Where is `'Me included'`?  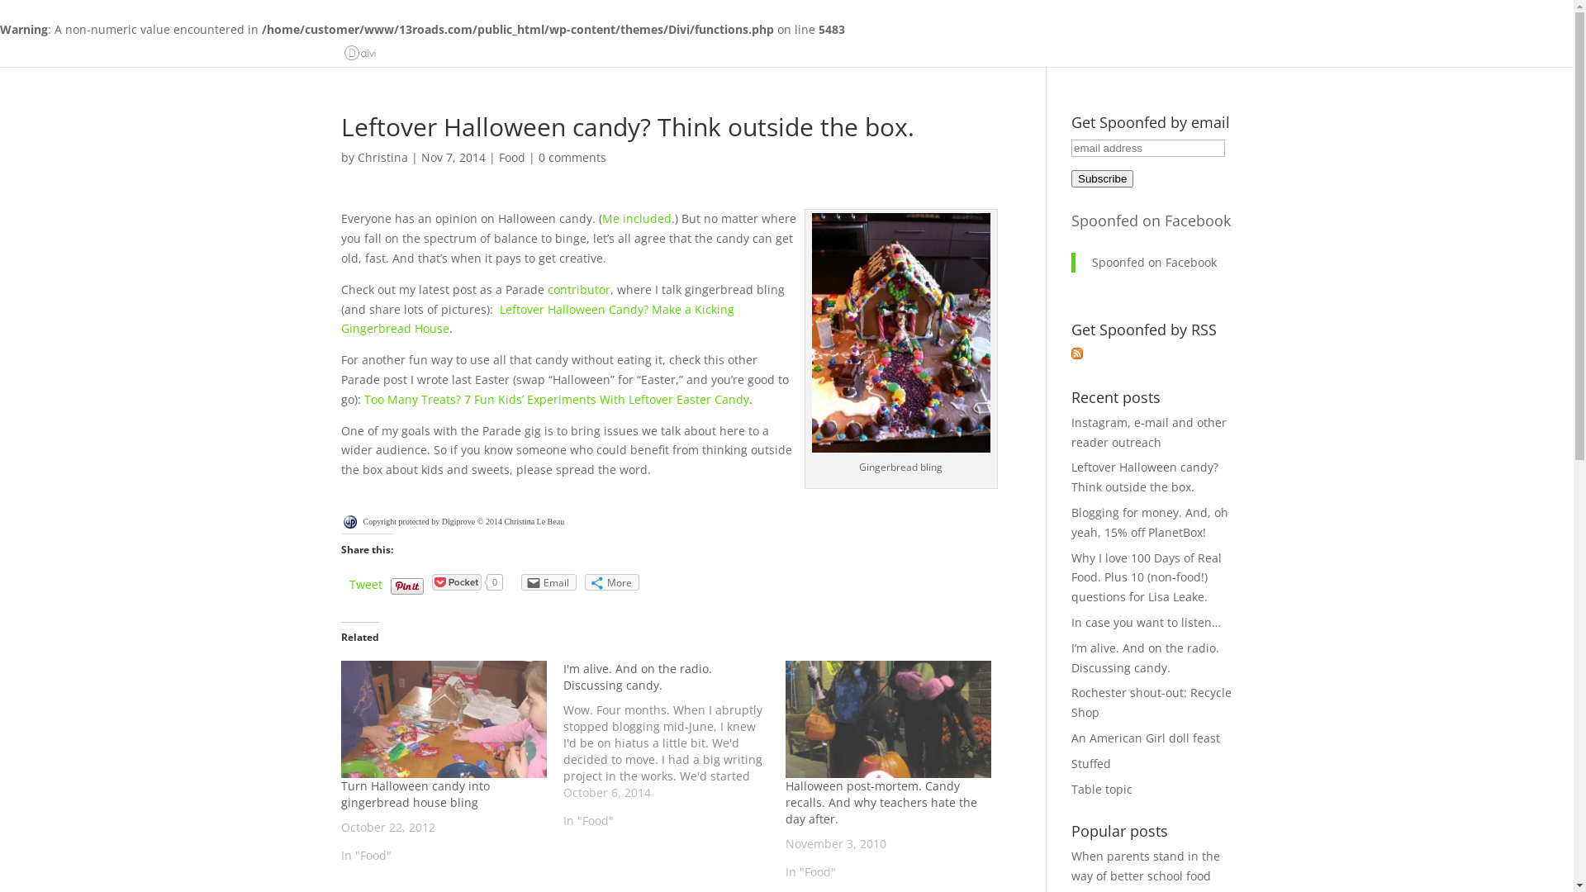 'Me included' is located at coordinates (634, 217).